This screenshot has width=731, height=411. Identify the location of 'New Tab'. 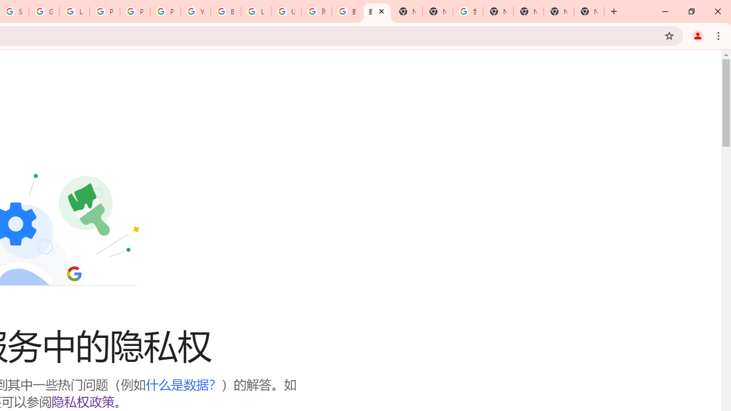
(589, 11).